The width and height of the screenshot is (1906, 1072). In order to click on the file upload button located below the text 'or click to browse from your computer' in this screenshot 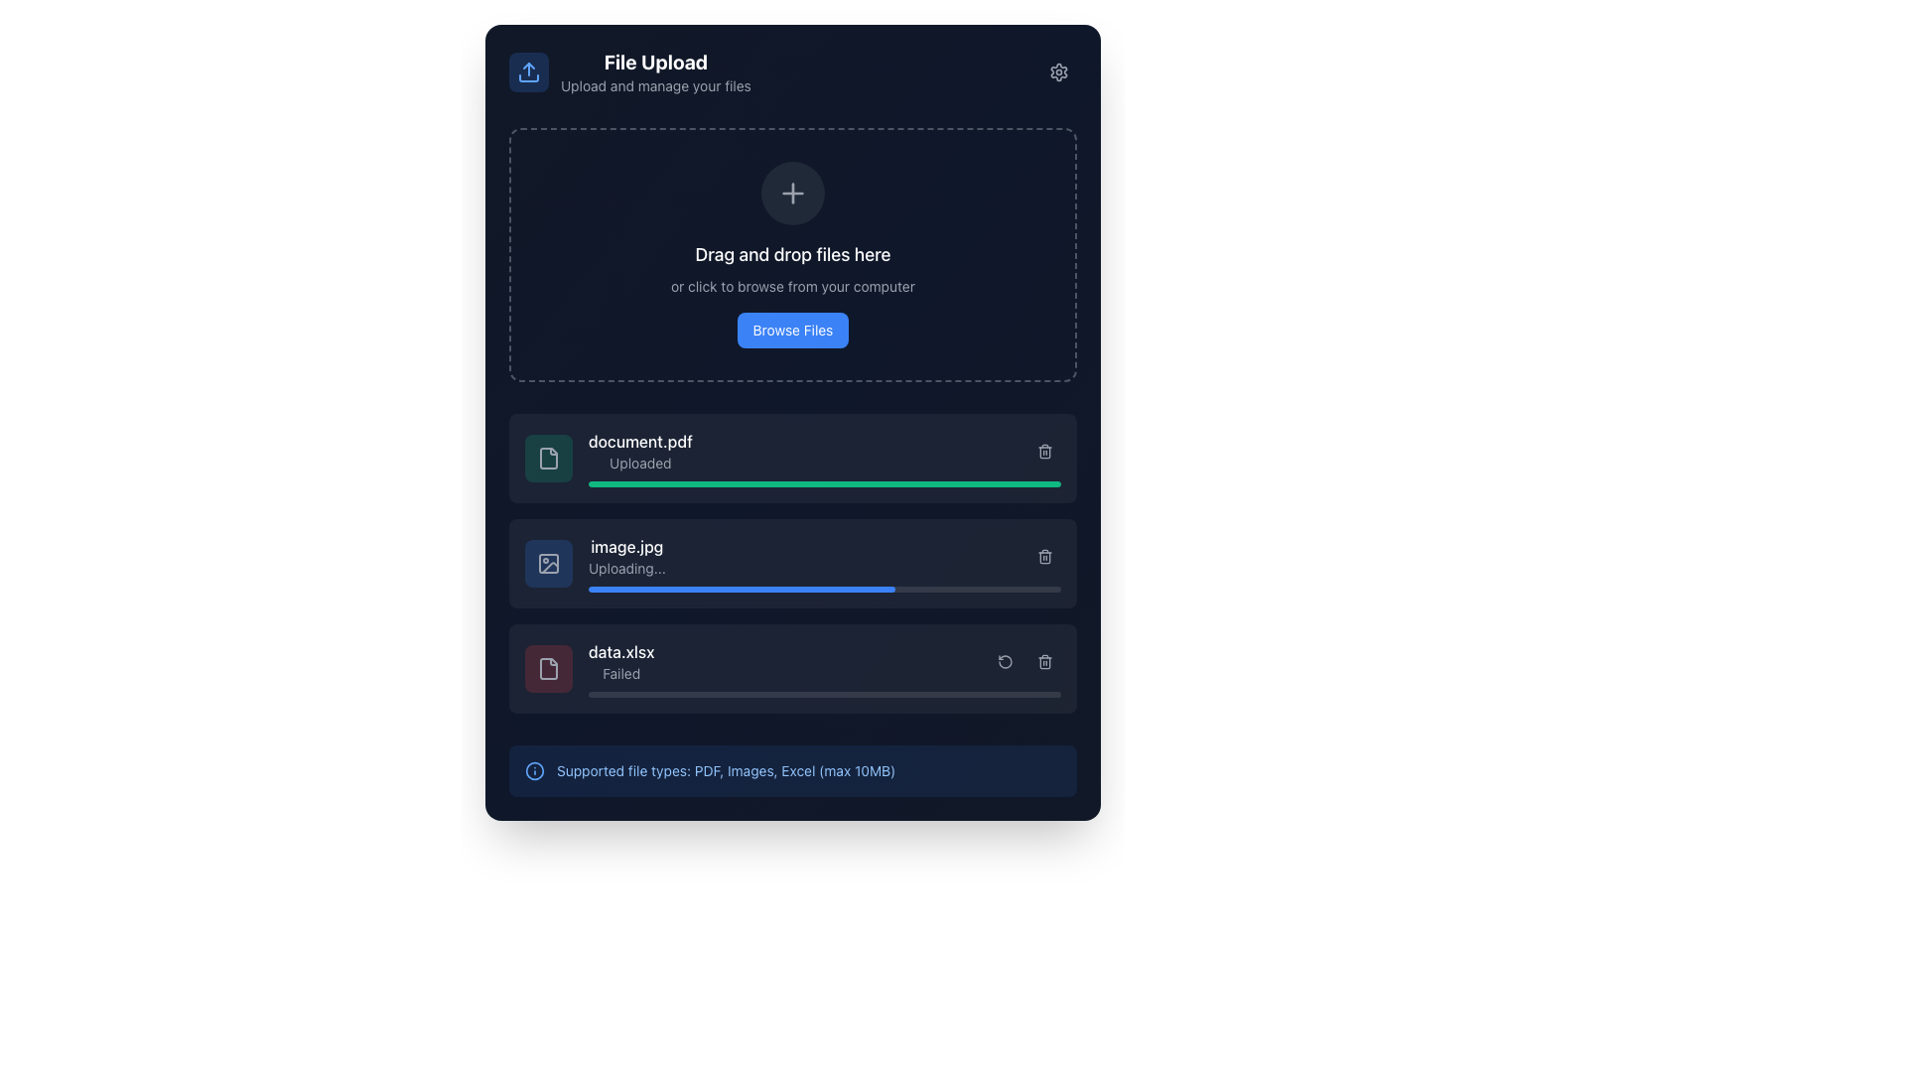, I will do `click(791, 329)`.